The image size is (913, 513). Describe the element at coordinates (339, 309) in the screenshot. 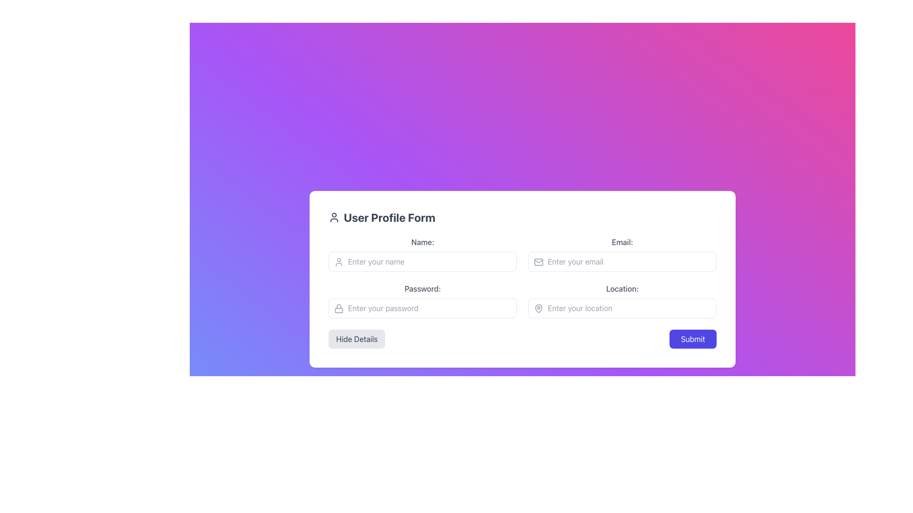

I see `the decorative lock icon located inside the password input field of the user profile form, which serves as a visual cue for security` at that location.